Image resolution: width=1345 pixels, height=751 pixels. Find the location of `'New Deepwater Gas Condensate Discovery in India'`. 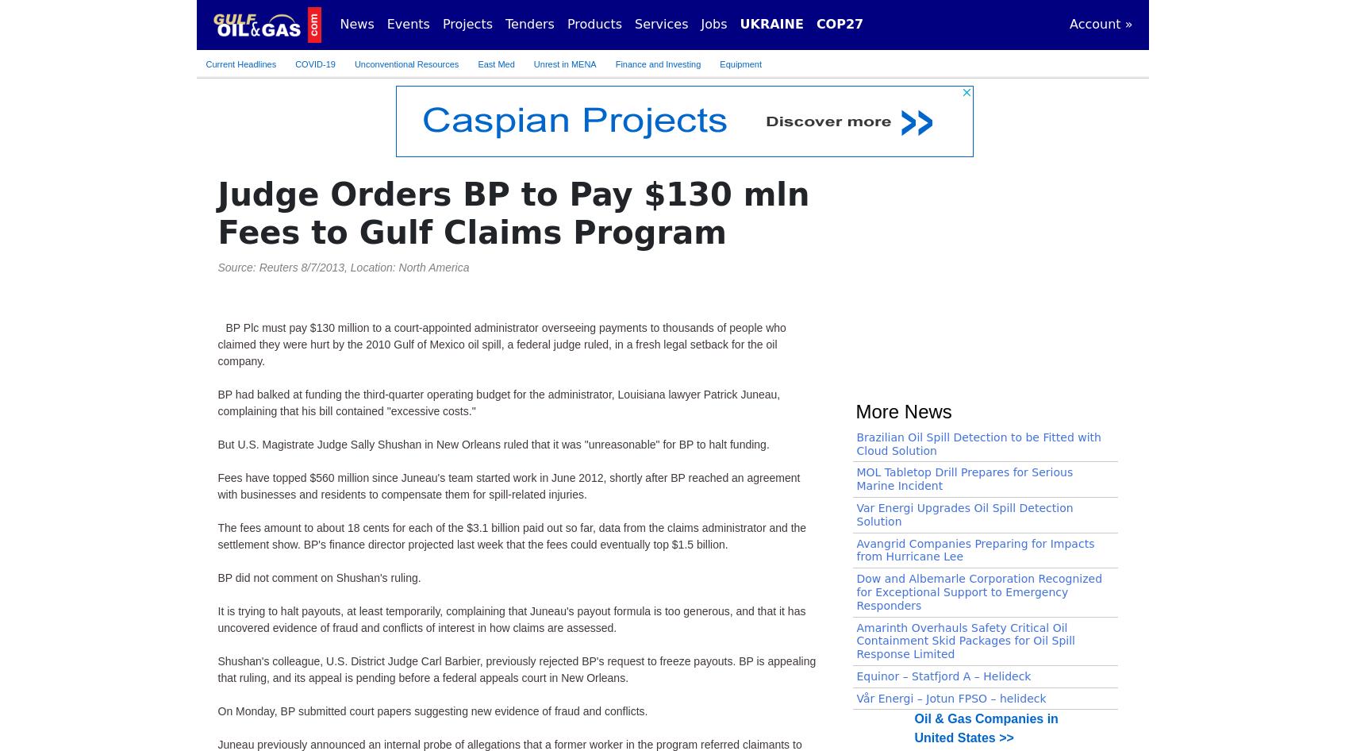

'New Deepwater Gas Condensate Discovery in India' is located at coordinates (977, 232).